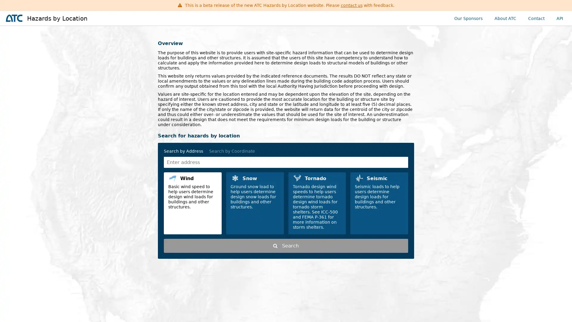 This screenshot has height=322, width=572. Describe the element at coordinates (286, 246) in the screenshot. I see `Search` at that location.